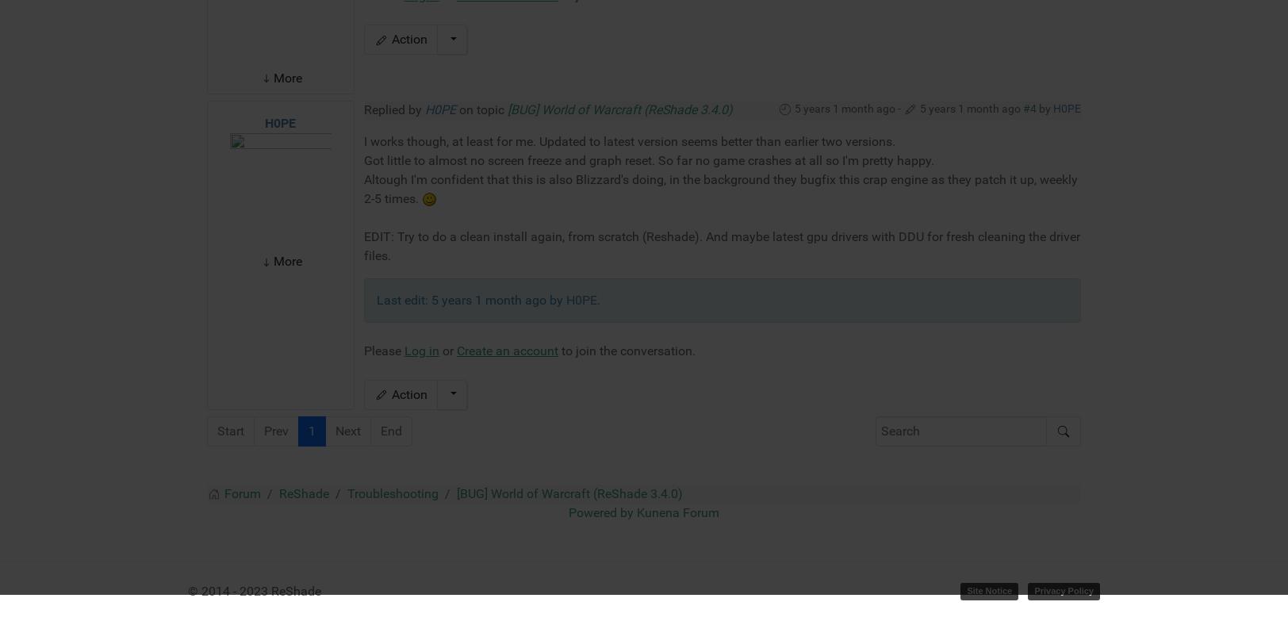 This screenshot has height=621, width=1288. I want to click on 'More', so click(286, 10).